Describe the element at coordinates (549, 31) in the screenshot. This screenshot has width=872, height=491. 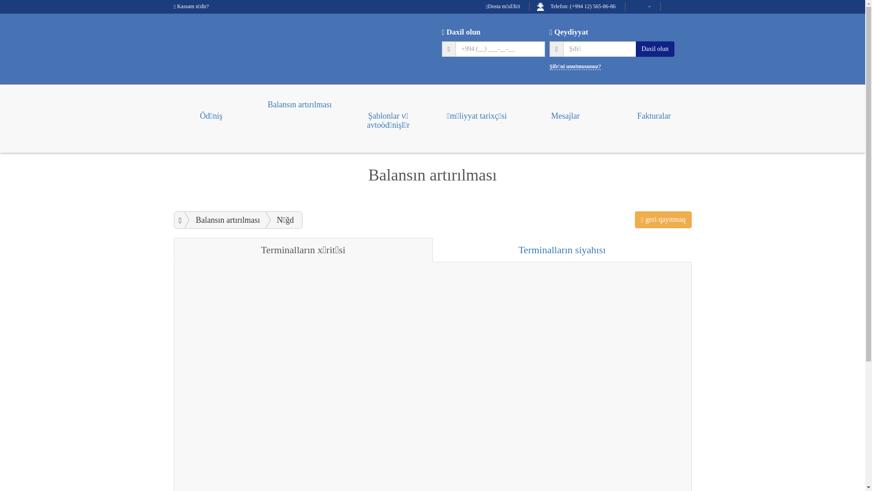
I see `'Qeydiyyat'` at that location.